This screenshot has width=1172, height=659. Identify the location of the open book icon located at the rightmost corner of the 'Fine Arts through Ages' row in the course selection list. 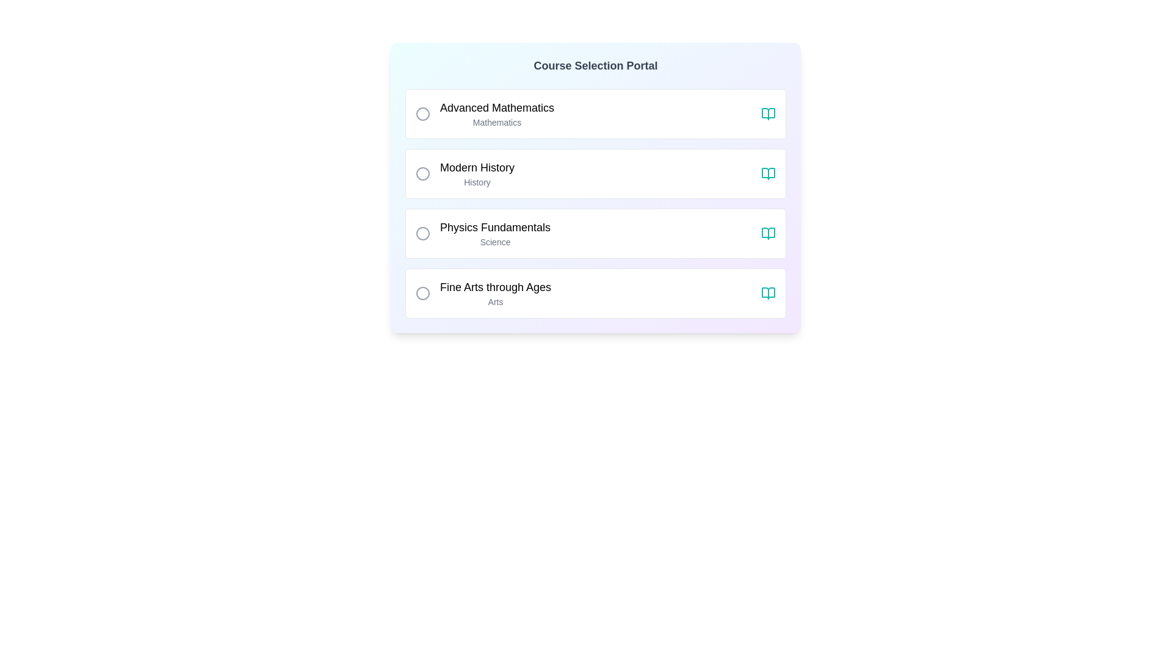
(767, 293).